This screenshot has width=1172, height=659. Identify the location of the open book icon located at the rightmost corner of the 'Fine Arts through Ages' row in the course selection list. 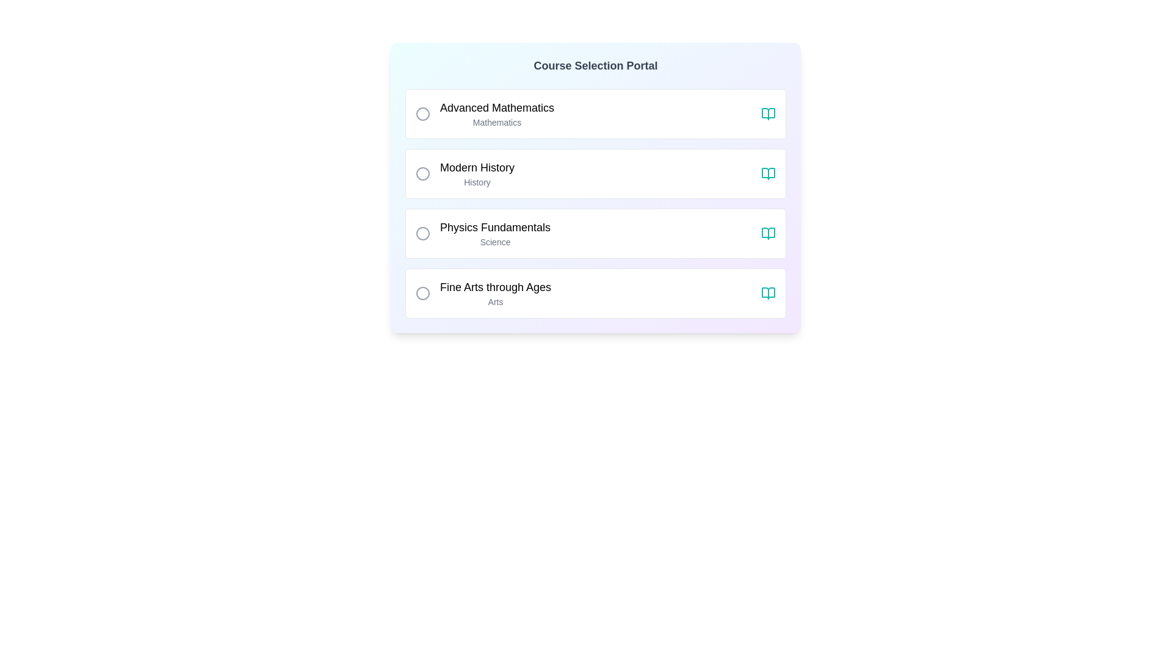
(767, 293).